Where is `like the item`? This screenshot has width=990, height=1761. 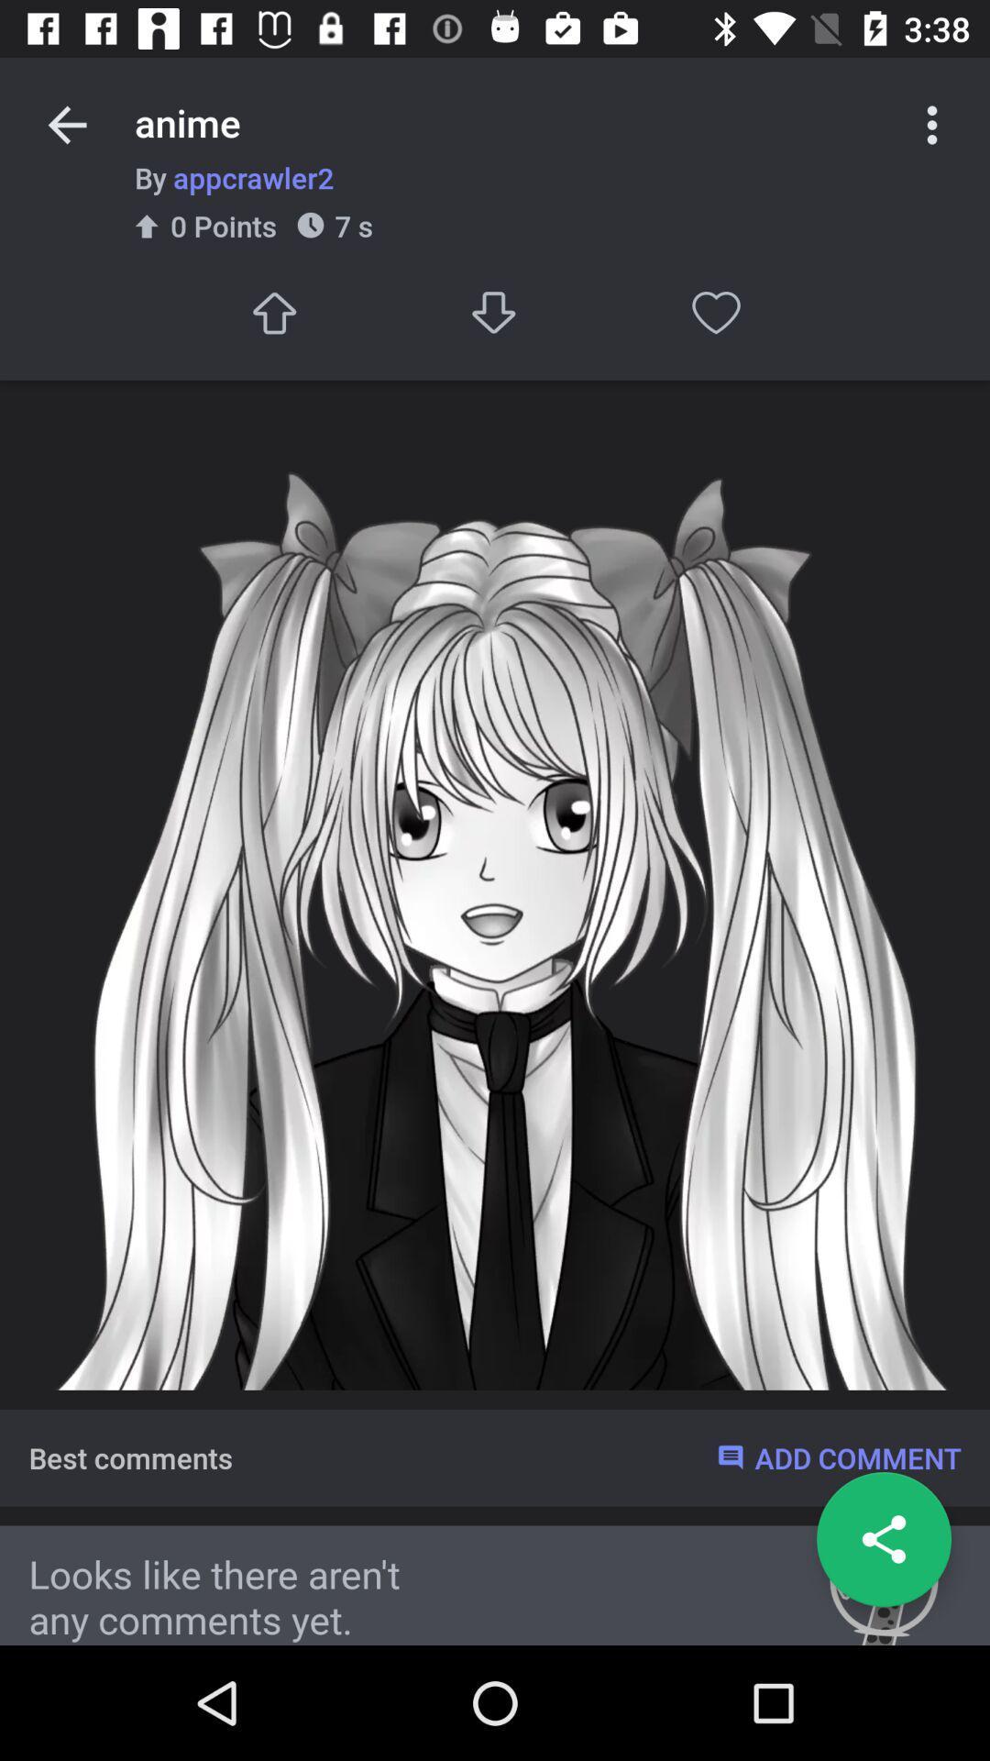 like the item is located at coordinates (715, 313).